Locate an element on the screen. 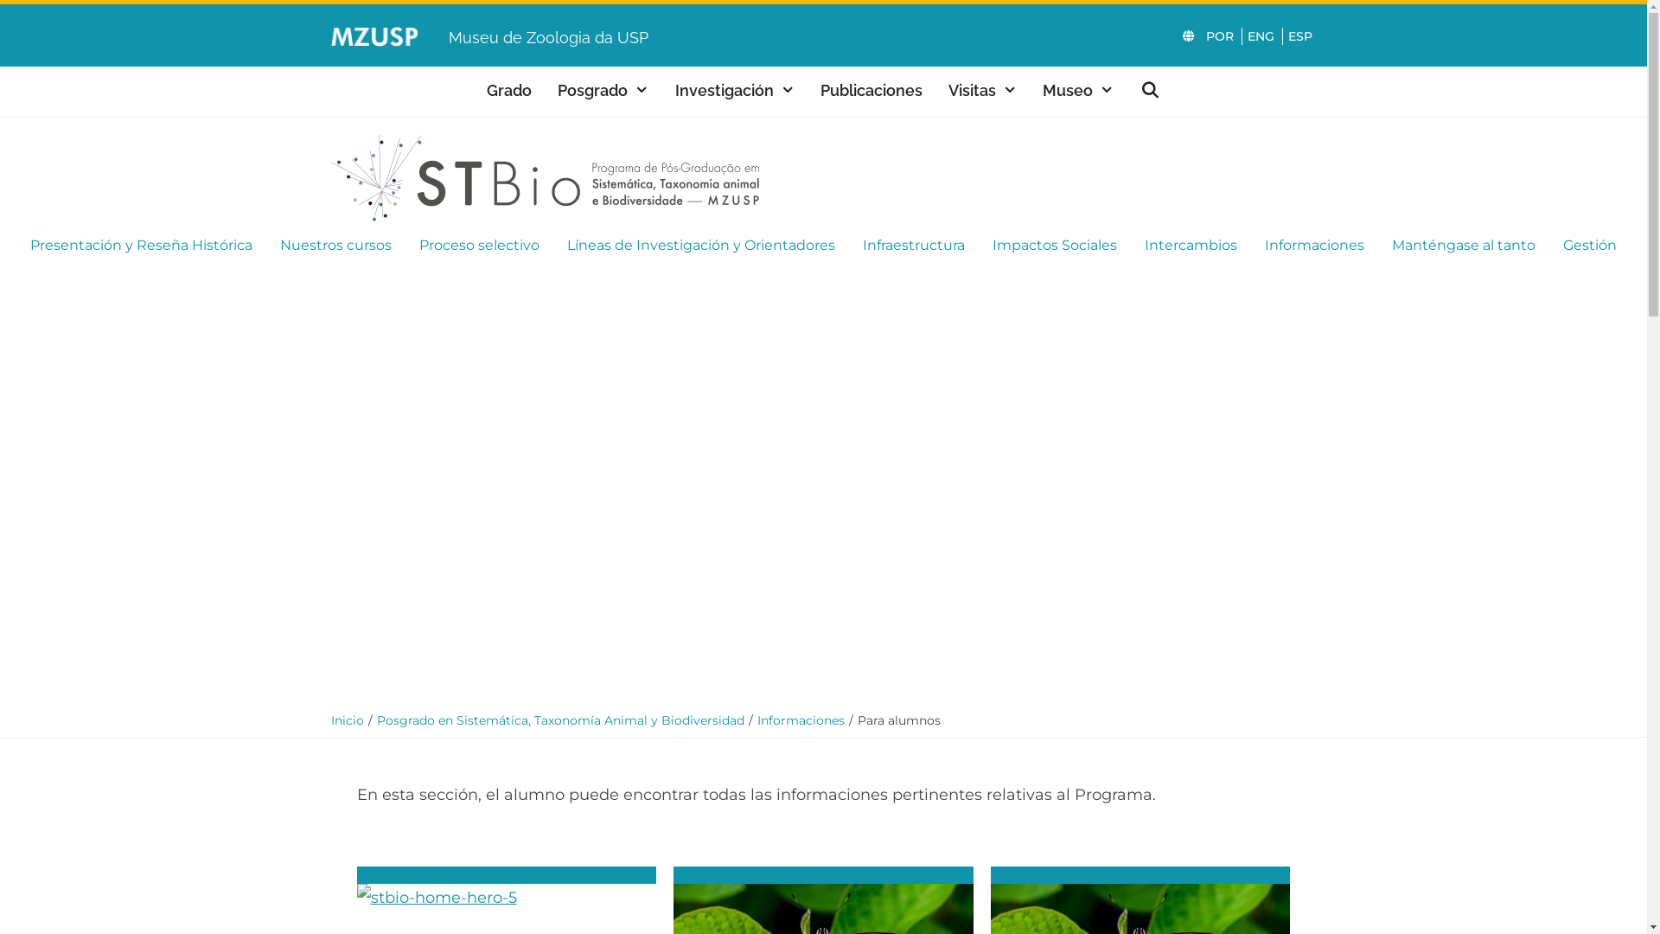 This screenshot has height=934, width=1660. 'Impactos Sociales' is located at coordinates (979, 246).